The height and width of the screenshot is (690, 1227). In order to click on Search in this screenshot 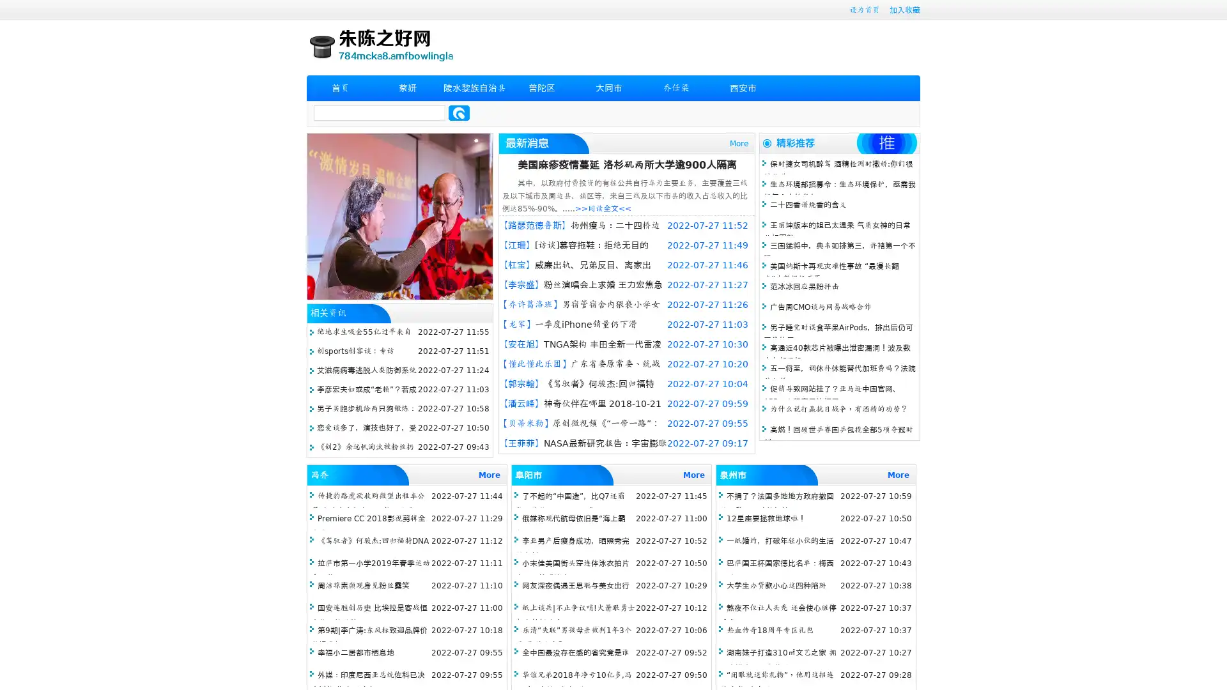, I will do `click(459, 112)`.